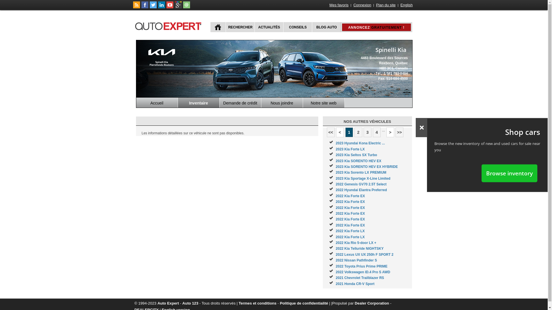  Describe the element at coordinates (297, 27) in the screenshot. I see `'CONSEILS'` at that location.